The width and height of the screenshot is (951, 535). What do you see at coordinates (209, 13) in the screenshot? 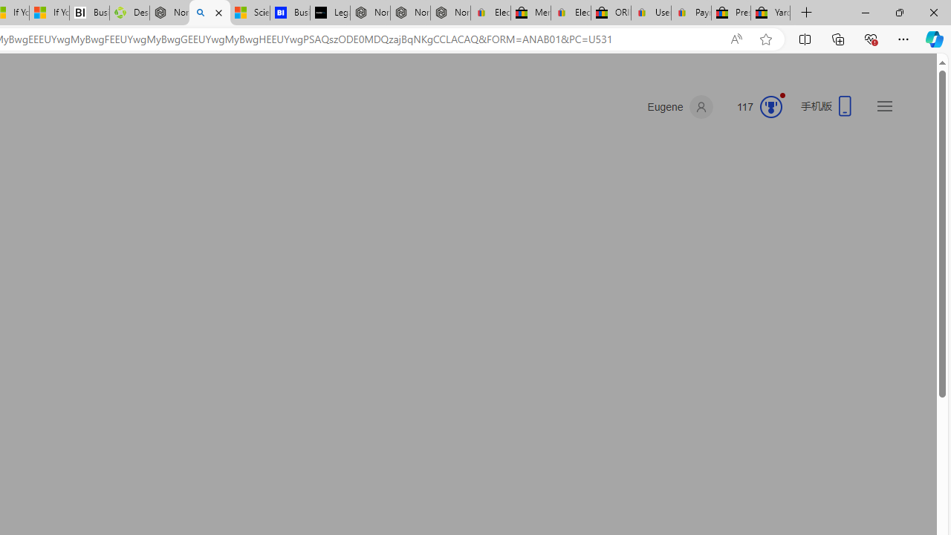
I see `'alabama high school quarterback dies - Search'` at bounding box center [209, 13].